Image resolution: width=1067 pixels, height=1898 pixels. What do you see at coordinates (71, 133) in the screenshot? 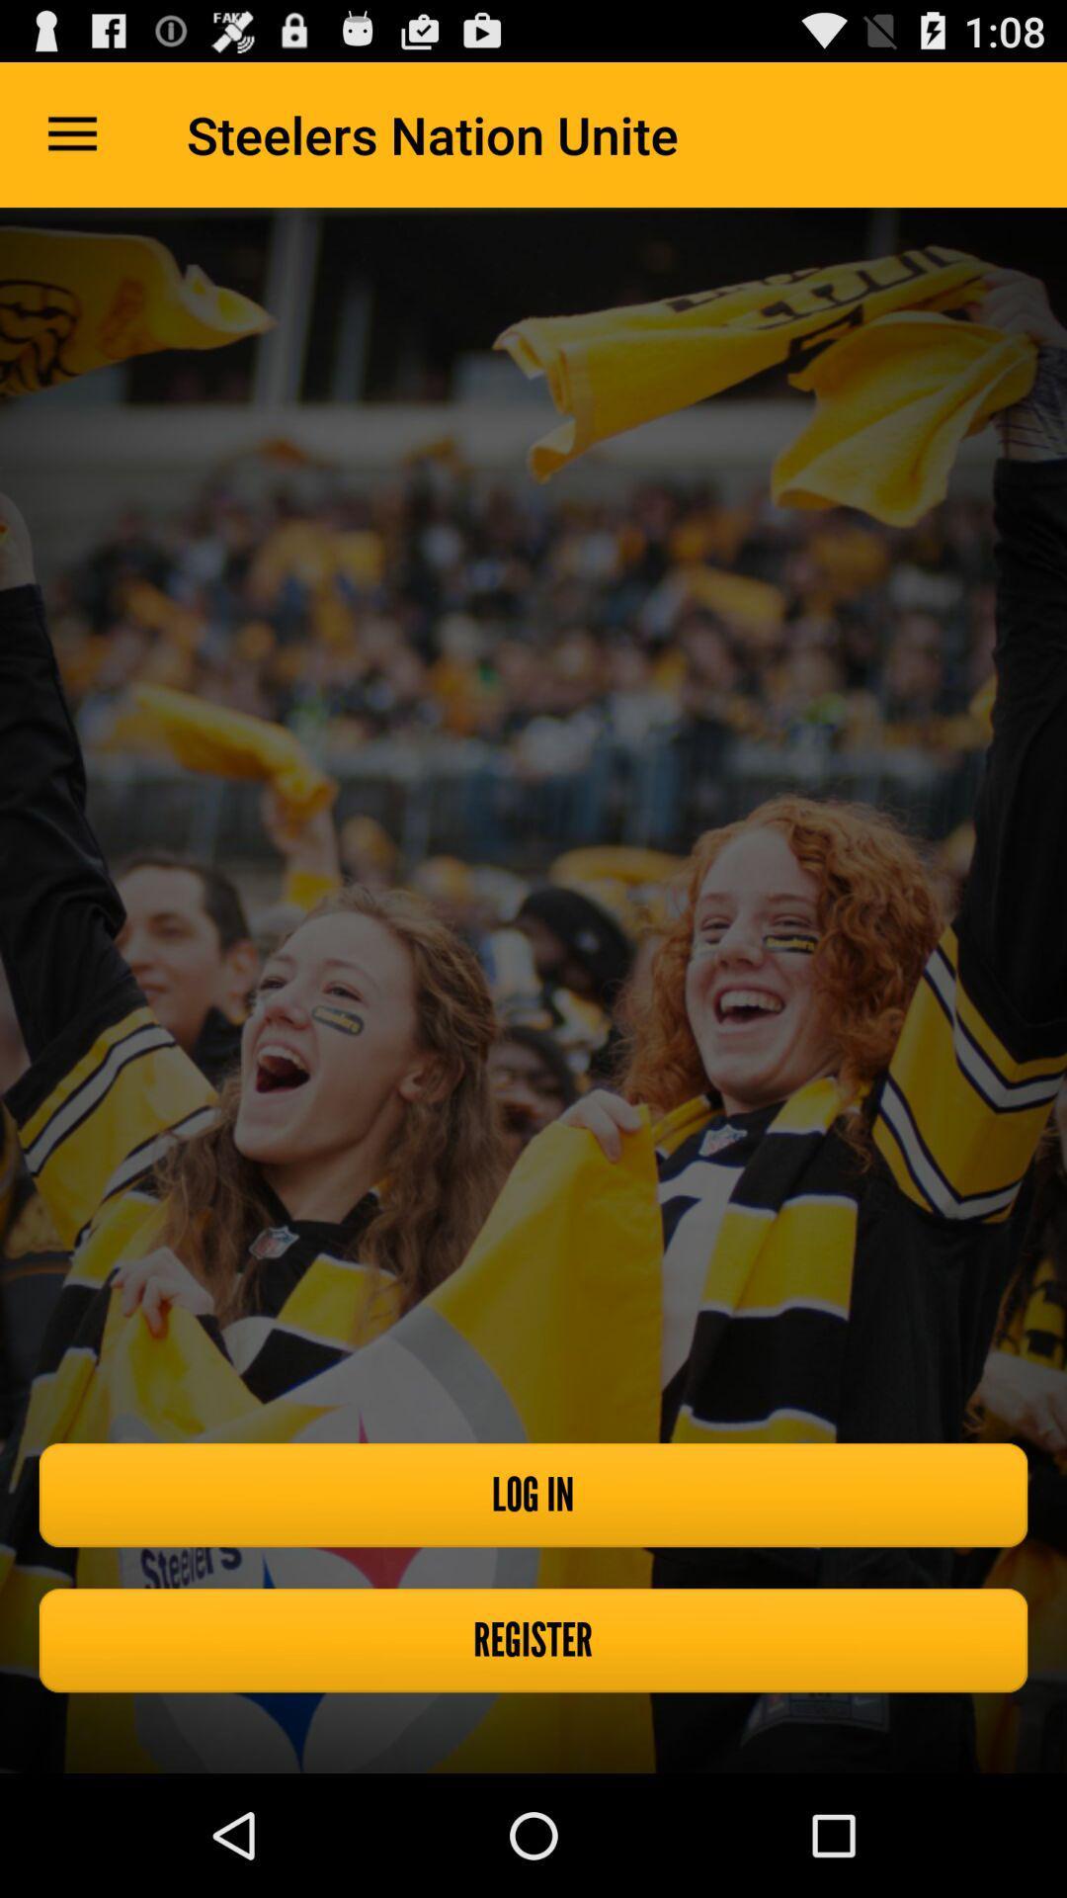
I see `the item to the left of steelers nation unite item` at bounding box center [71, 133].